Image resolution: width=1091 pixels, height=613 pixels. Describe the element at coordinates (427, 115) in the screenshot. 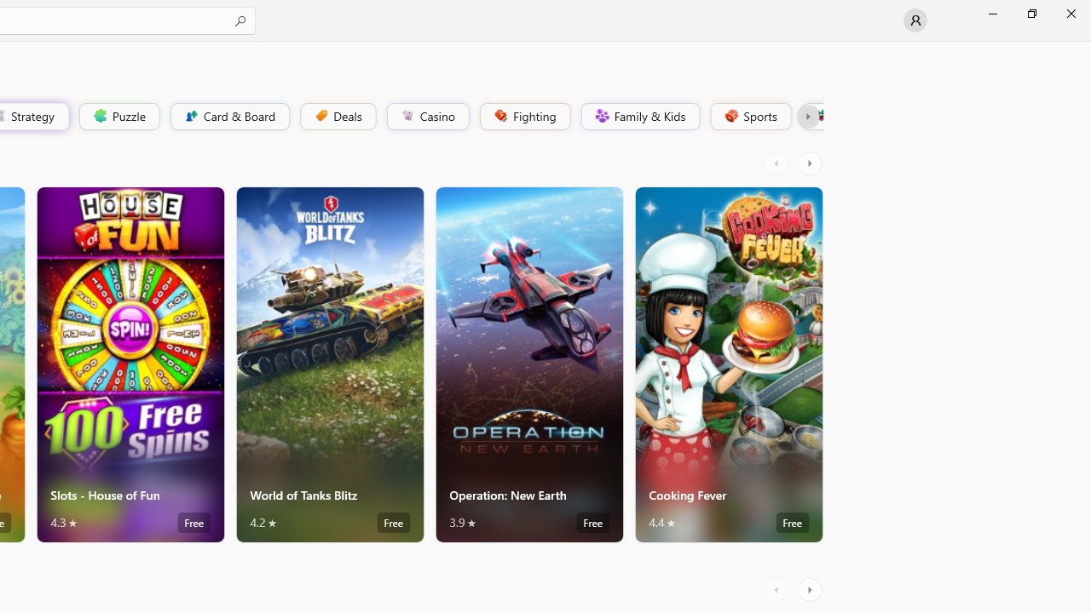

I see `'Casino'` at that location.